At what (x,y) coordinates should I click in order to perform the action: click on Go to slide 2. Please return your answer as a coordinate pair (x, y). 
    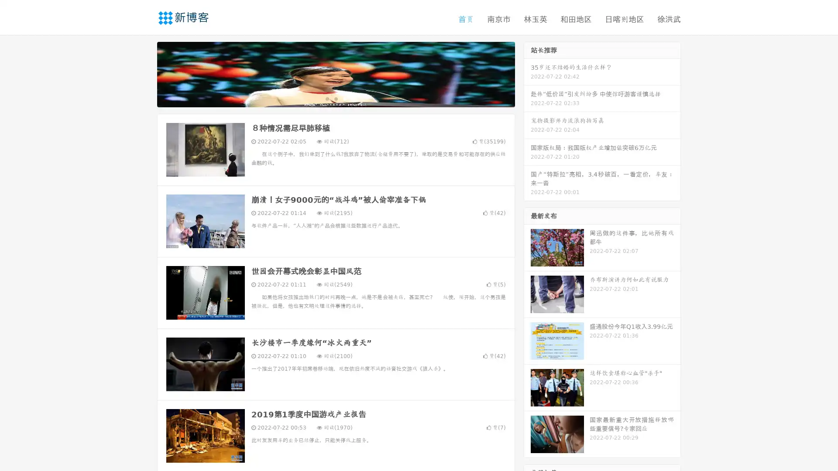
    Looking at the image, I should click on (335, 98).